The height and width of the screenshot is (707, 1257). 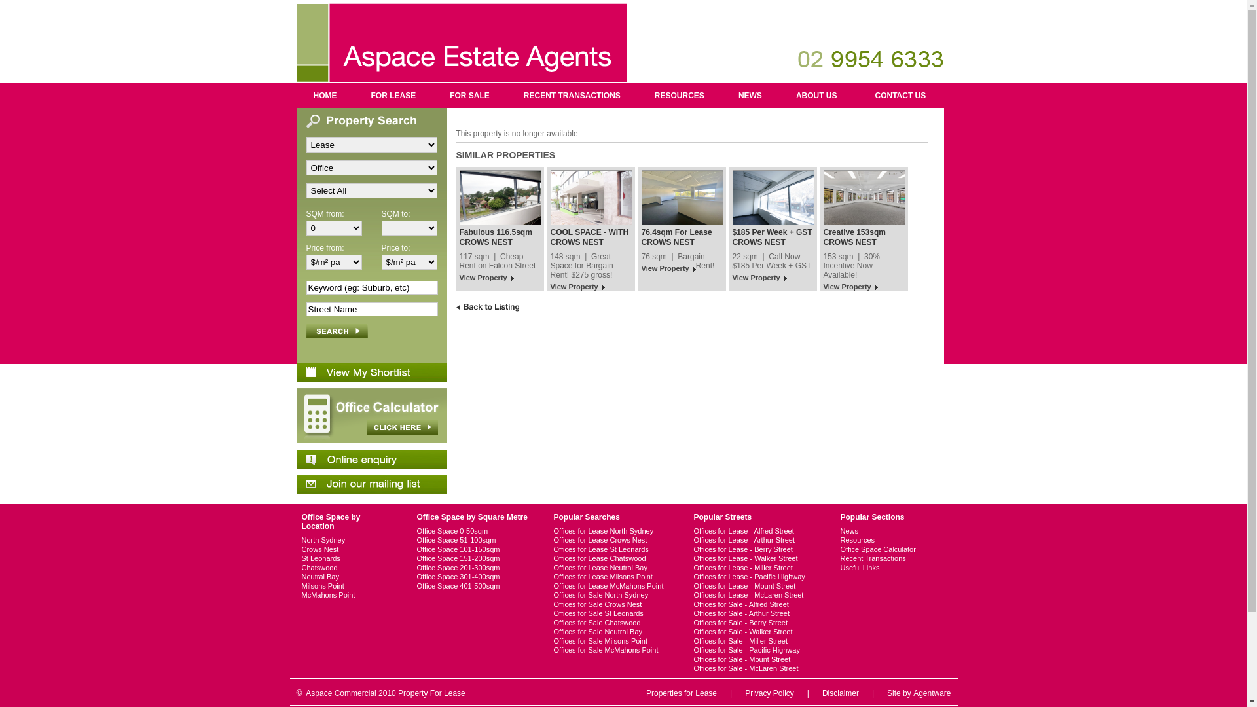 I want to click on 'Offices for Lease St Leonards', so click(x=612, y=549).